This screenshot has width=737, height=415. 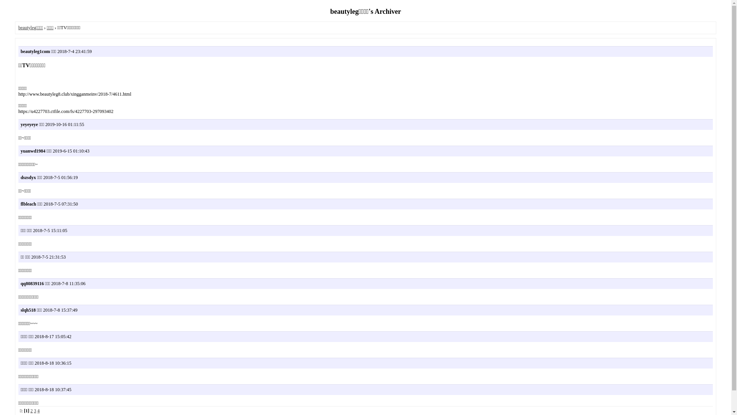 What do you see at coordinates (38, 410) in the screenshot?
I see `'4'` at bounding box center [38, 410].